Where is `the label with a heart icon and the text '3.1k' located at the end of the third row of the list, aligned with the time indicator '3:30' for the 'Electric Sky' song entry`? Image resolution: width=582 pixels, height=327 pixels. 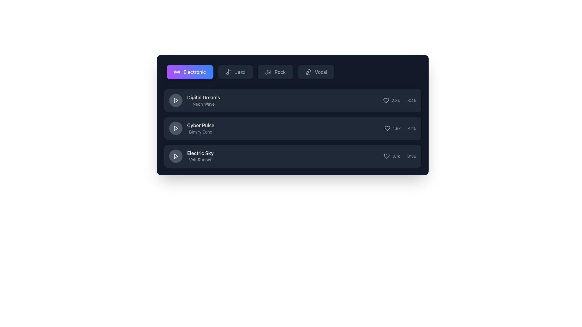 the label with a heart icon and the text '3.1k' located at the end of the third row of the list, aligned with the time indicator '3:30' for the 'Electric Sky' song entry is located at coordinates (392, 156).